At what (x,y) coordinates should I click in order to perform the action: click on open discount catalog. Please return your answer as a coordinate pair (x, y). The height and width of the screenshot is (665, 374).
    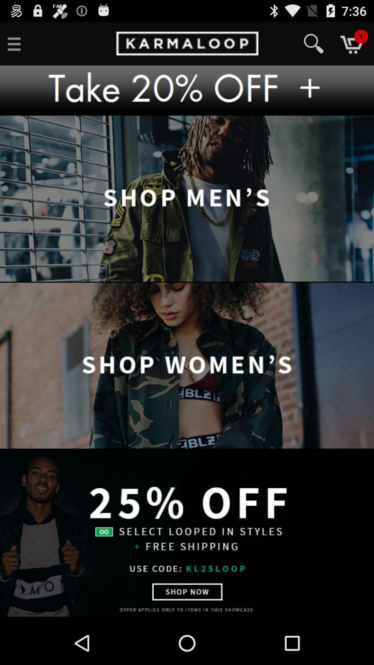
    Looking at the image, I should click on (187, 533).